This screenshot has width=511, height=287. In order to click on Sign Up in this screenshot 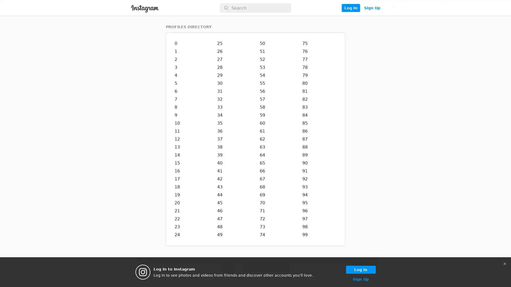, I will do `click(372, 8)`.